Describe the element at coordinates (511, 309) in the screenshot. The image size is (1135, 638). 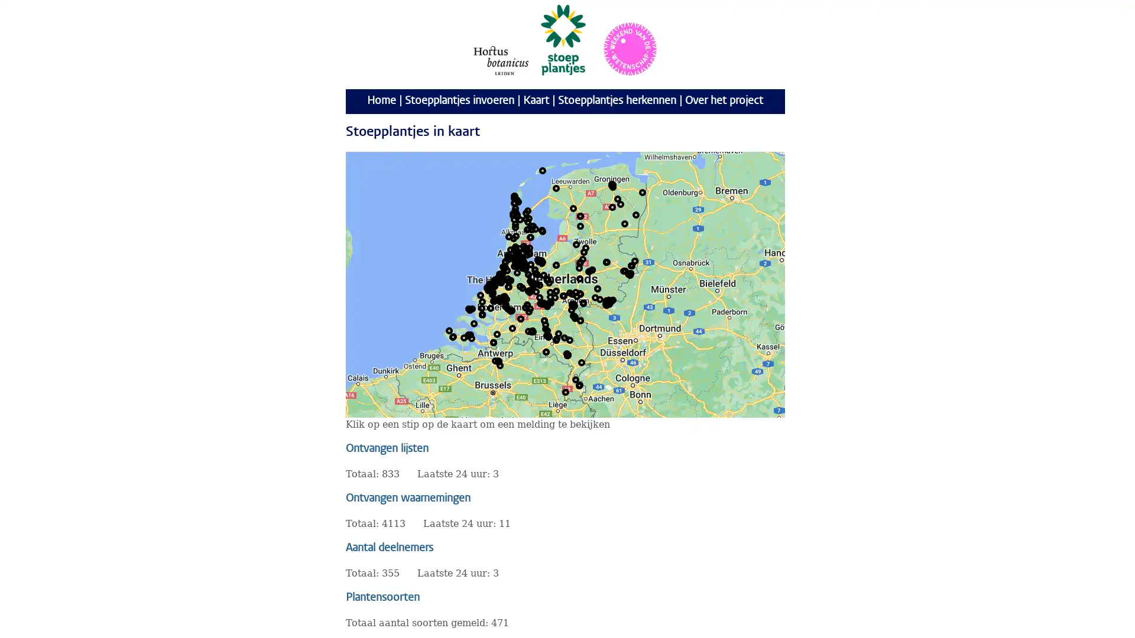
I see `Telling van op 20 april 2022` at that location.